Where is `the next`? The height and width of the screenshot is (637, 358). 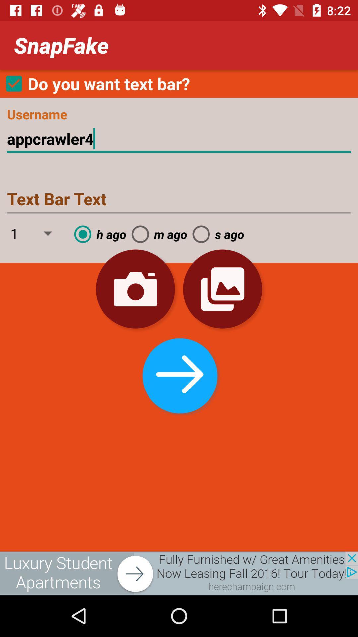 the next is located at coordinates (178, 374).